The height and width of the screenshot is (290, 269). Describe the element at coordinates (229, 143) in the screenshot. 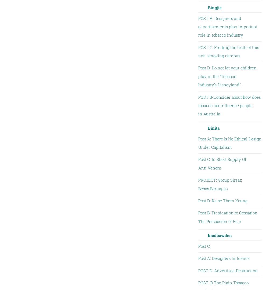

I see `'Post A: There Is No Ethical Design Under Capitalism'` at that location.